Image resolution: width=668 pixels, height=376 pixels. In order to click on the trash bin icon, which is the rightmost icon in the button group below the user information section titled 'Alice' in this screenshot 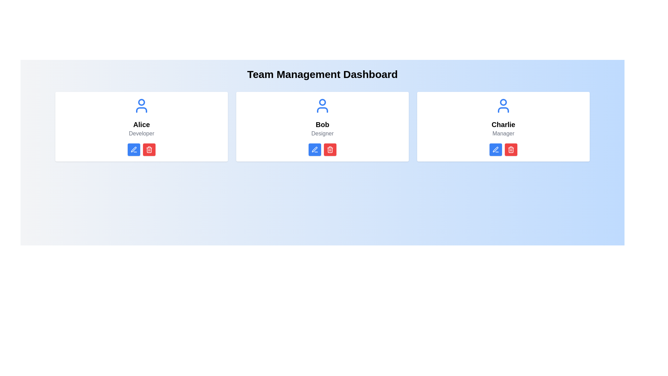, I will do `click(149, 149)`.